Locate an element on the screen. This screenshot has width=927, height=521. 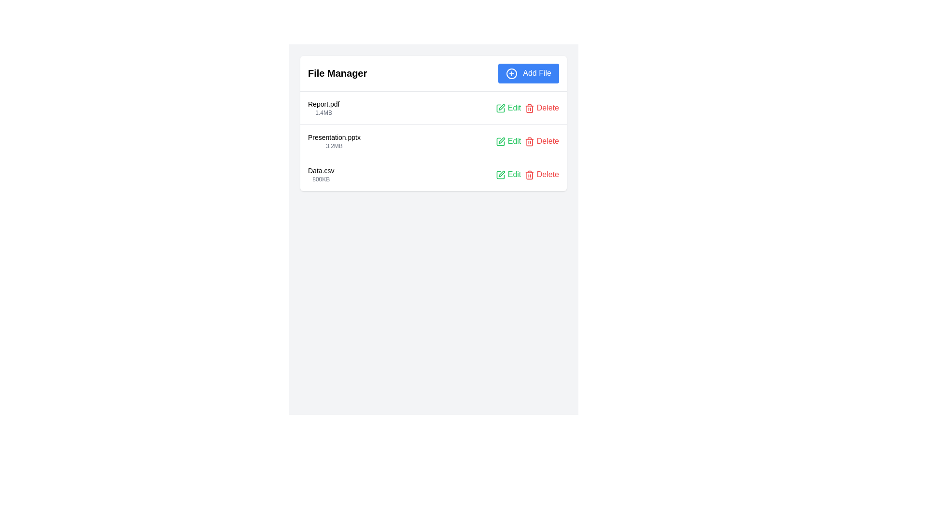
the Icon button located adjacent to the 'Report.pdf' file listing is located at coordinates (501, 108).